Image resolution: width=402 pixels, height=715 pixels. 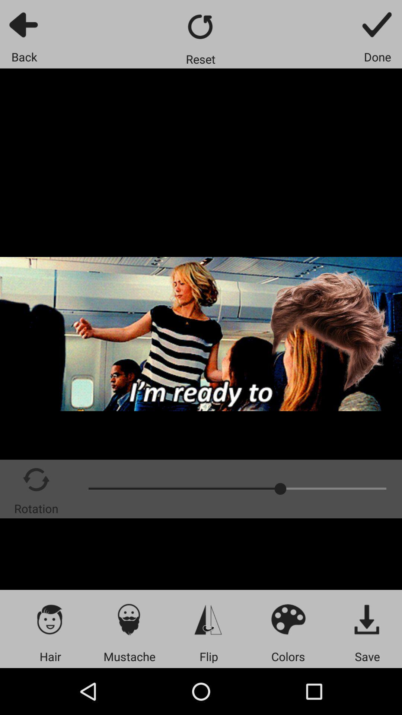 What do you see at coordinates (200, 26) in the screenshot?
I see `reset media` at bounding box center [200, 26].